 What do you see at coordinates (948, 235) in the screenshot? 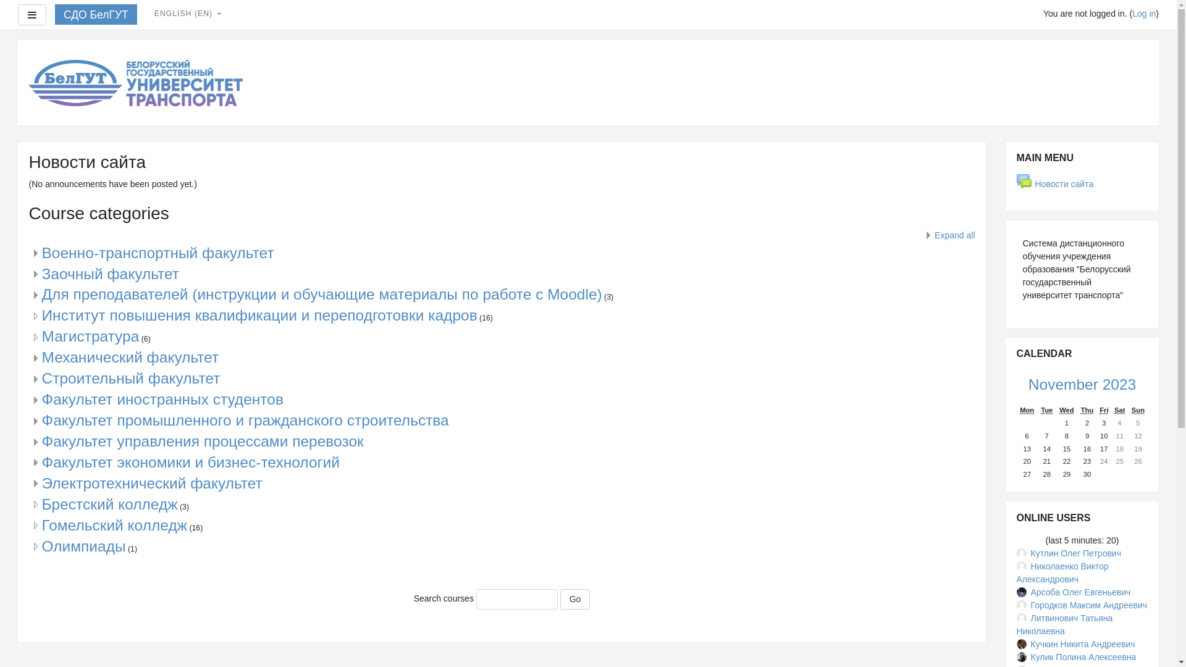
I see `'Expand all'` at bounding box center [948, 235].